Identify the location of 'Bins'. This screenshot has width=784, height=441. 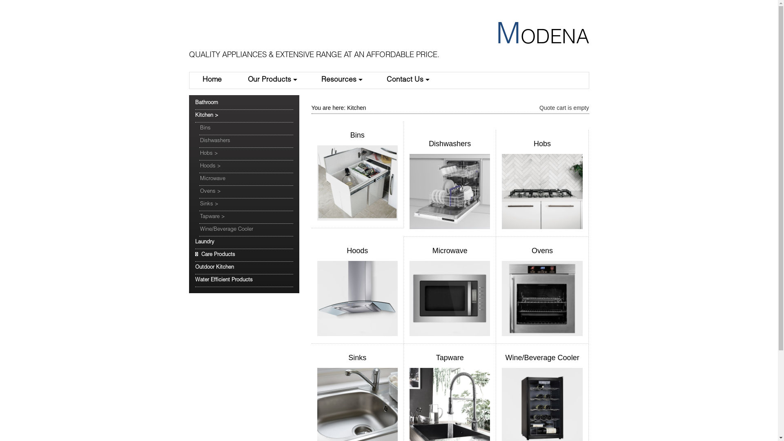
(357, 135).